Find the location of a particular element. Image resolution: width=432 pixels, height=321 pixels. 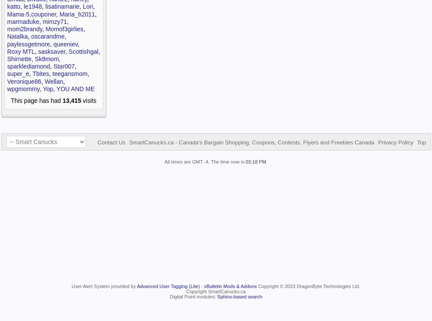

'Copyright © 2023 DragonByte Technologies Ltd.' is located at coordinates (308, 286).